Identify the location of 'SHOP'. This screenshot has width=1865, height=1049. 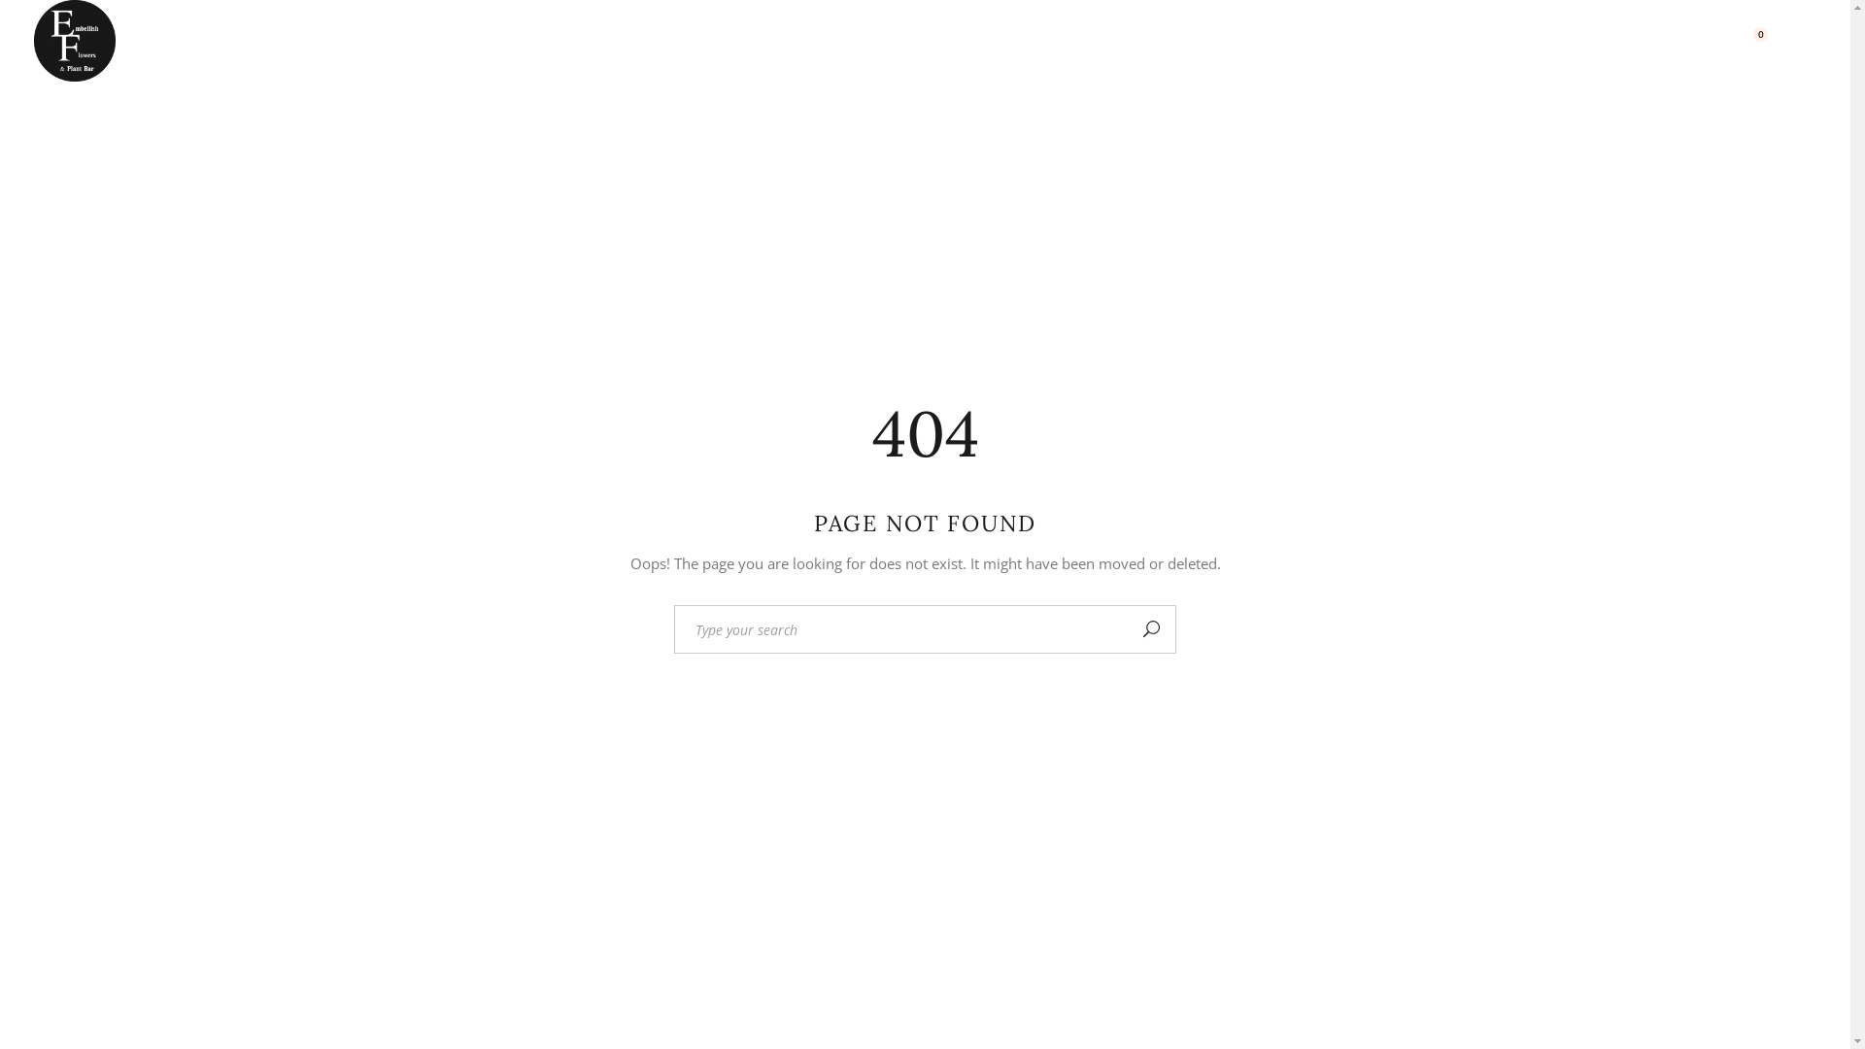
(1490, 41).